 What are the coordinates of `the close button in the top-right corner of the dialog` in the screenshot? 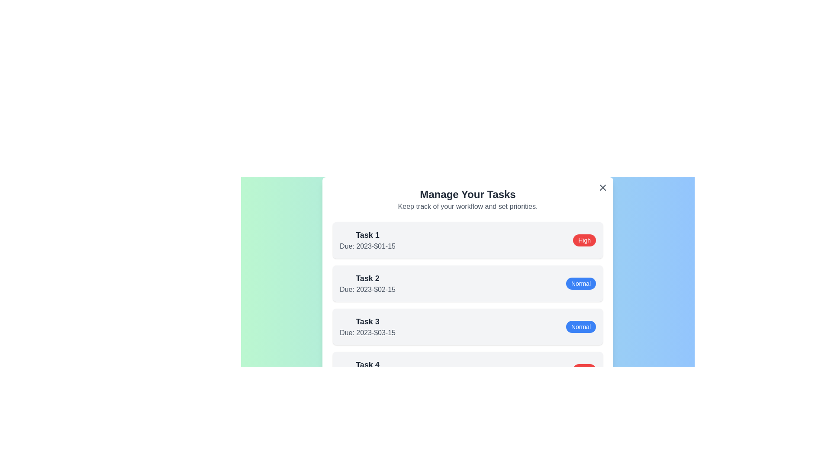 It's located at (602, 187).